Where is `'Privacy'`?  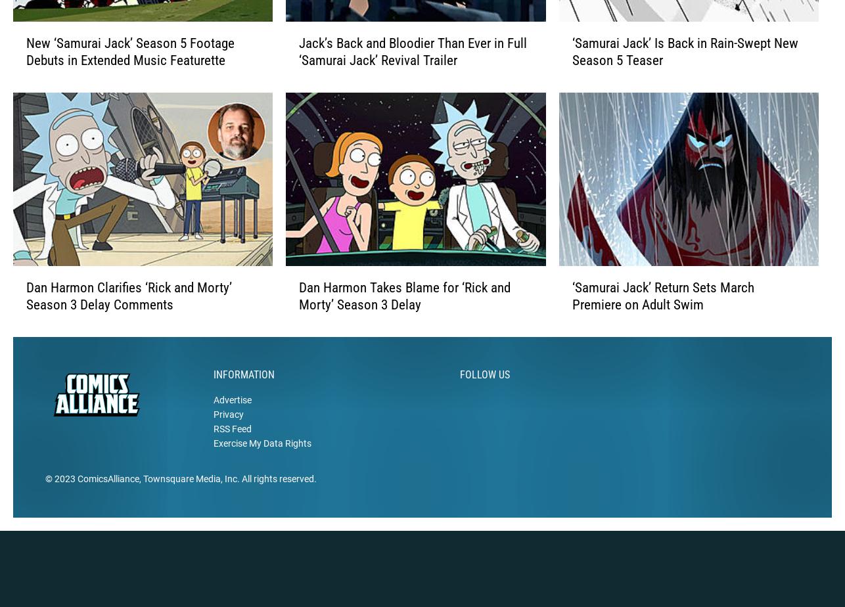
'Privacy' is located at coordinates (227, 435).